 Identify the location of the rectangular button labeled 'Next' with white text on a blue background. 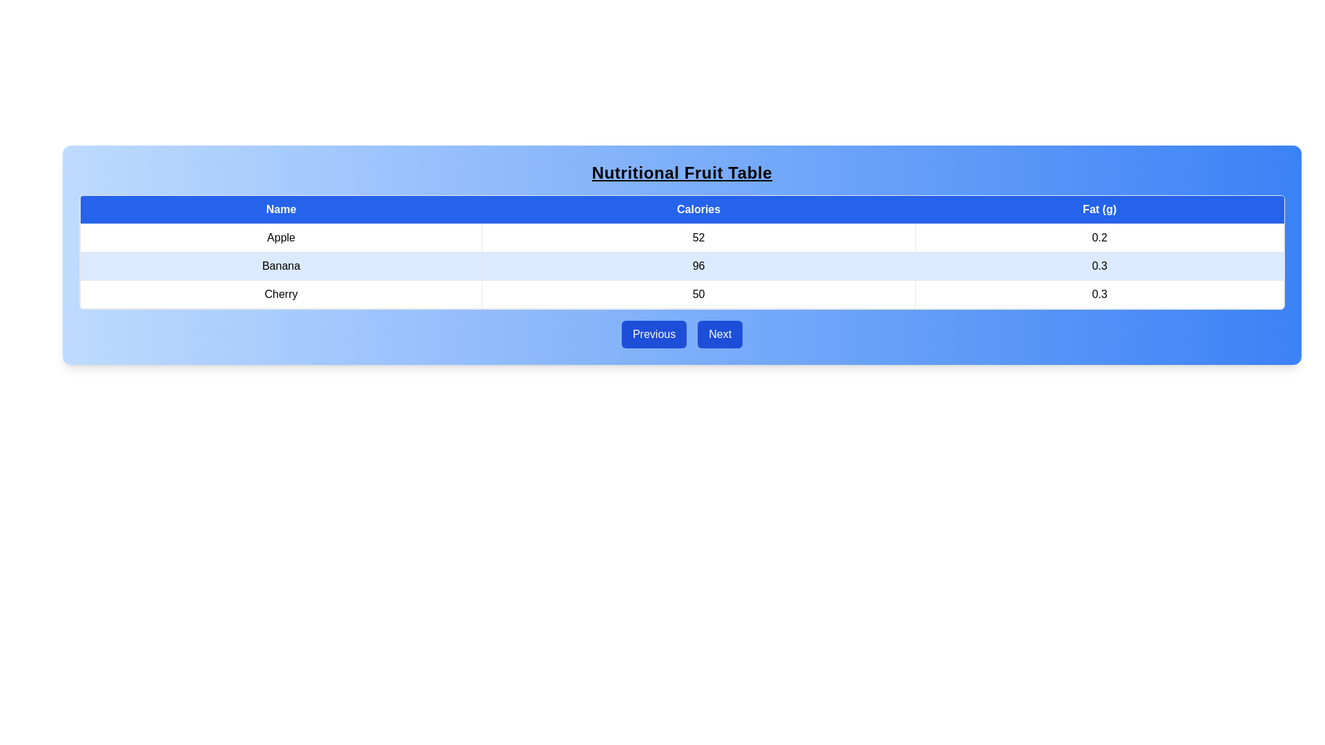
(719, 335).